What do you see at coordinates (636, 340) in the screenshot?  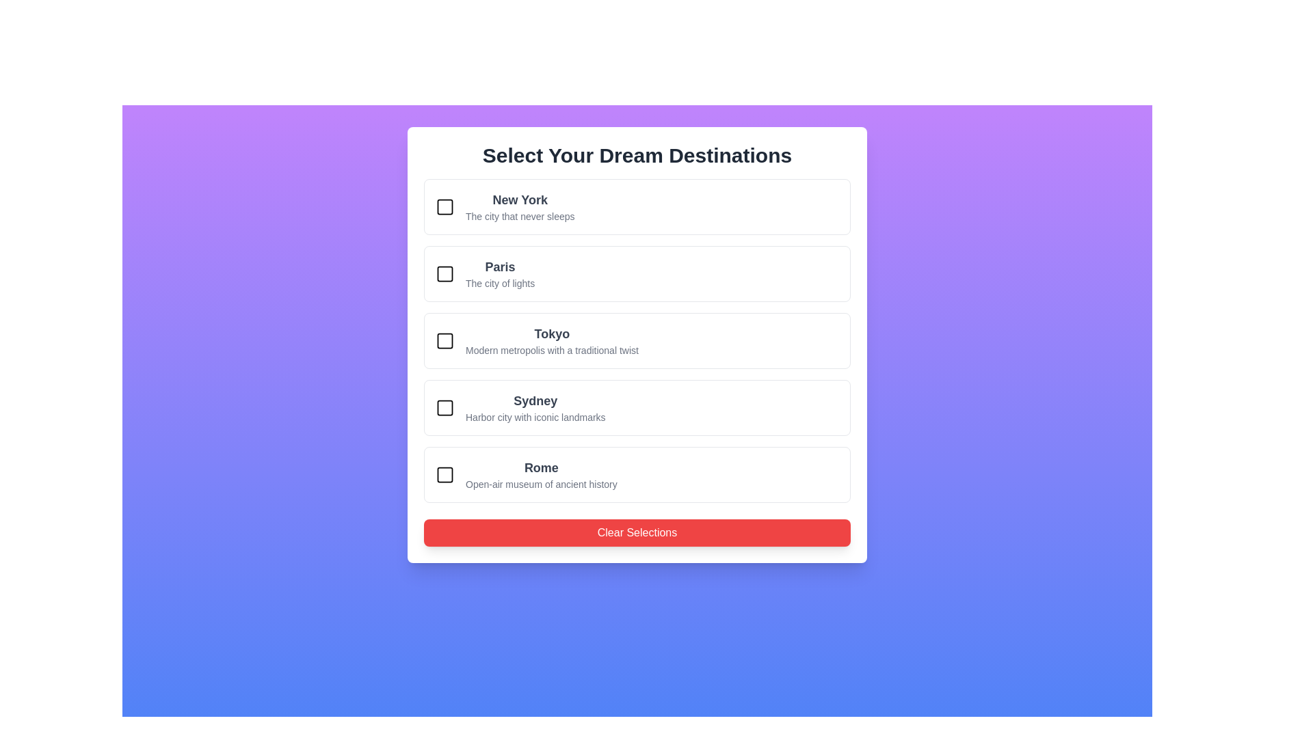 I see `the city card for Tokyo` at bounding box center [636, 340].